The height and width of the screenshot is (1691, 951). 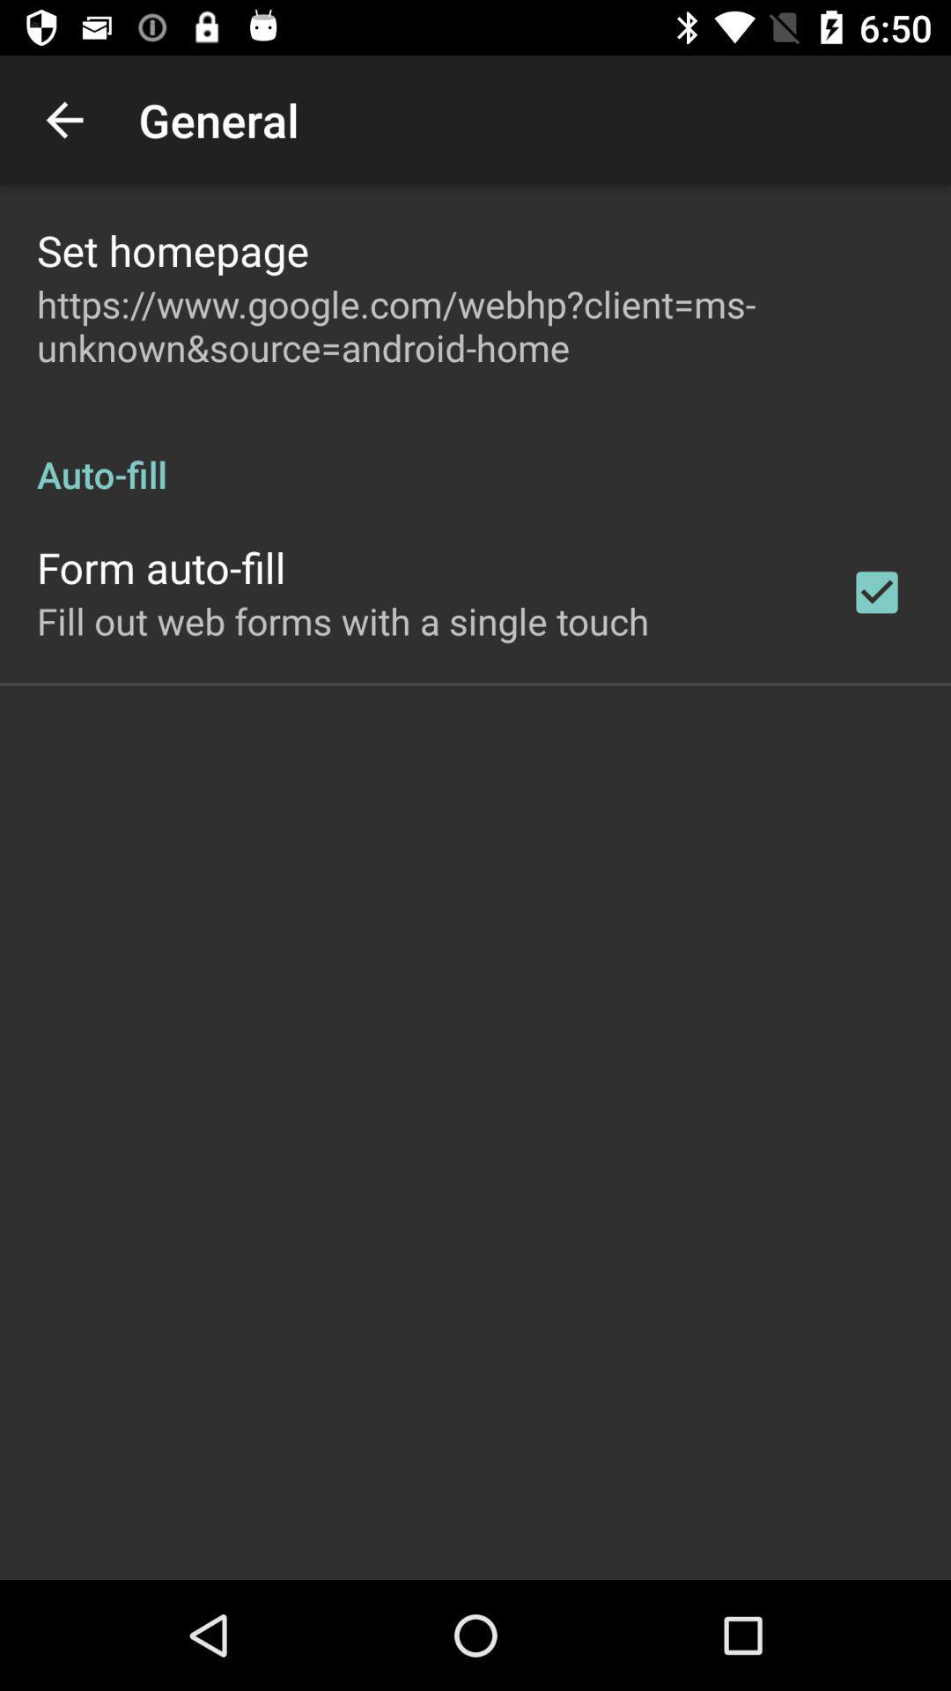 What do you see at coordinates (343, 621) in the screenshot?
I see `fill out web item` at bounding box center [343, 621].